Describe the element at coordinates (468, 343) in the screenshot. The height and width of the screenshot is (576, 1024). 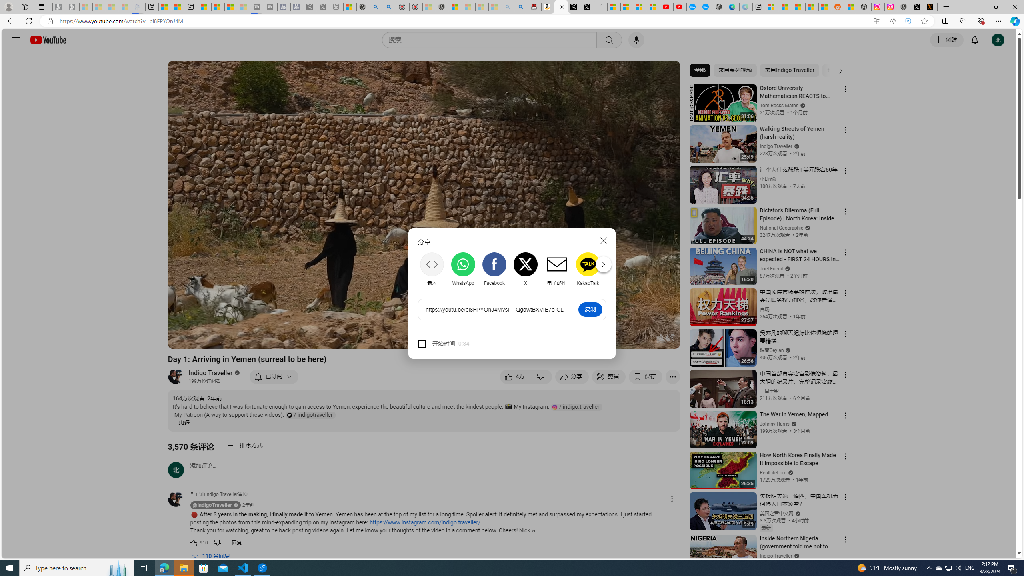
I see `'Class: style-scope tp-yt-paper-input'` at that location.